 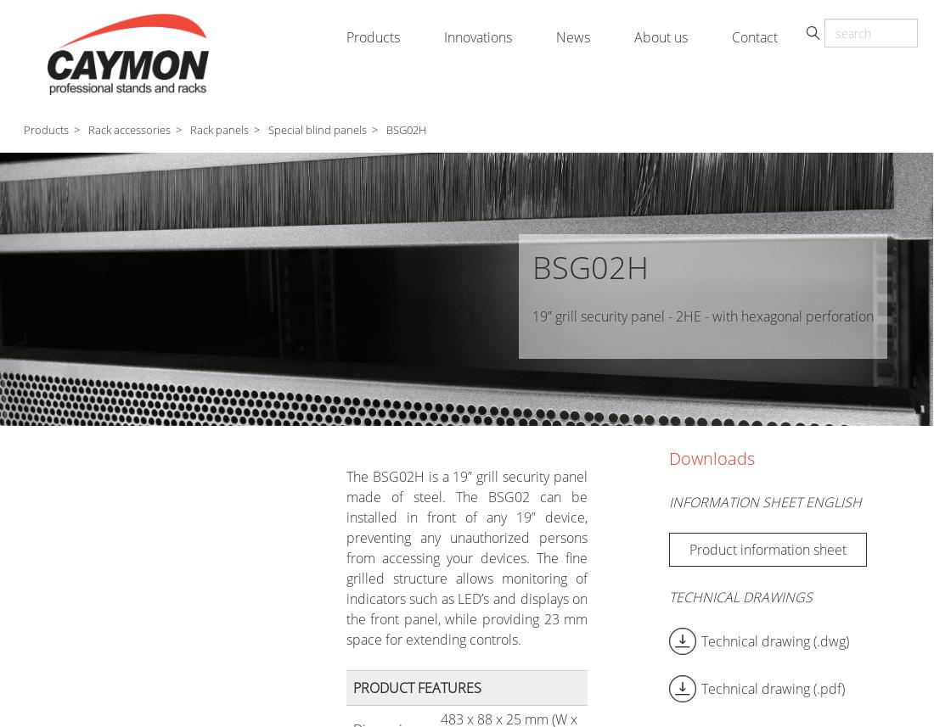 I want to click on 'The BSG02H is a 19” grill security panel made of steel. The BSG02 can be installed in front of any 19” device, preventing any unauthorized persons from accessing your devices. The fine grilled structure allows monitoring of indicators such as LED’s and displays on the front panel, while providing 23 mm space for extending controls.', so click(x=466, y=558).